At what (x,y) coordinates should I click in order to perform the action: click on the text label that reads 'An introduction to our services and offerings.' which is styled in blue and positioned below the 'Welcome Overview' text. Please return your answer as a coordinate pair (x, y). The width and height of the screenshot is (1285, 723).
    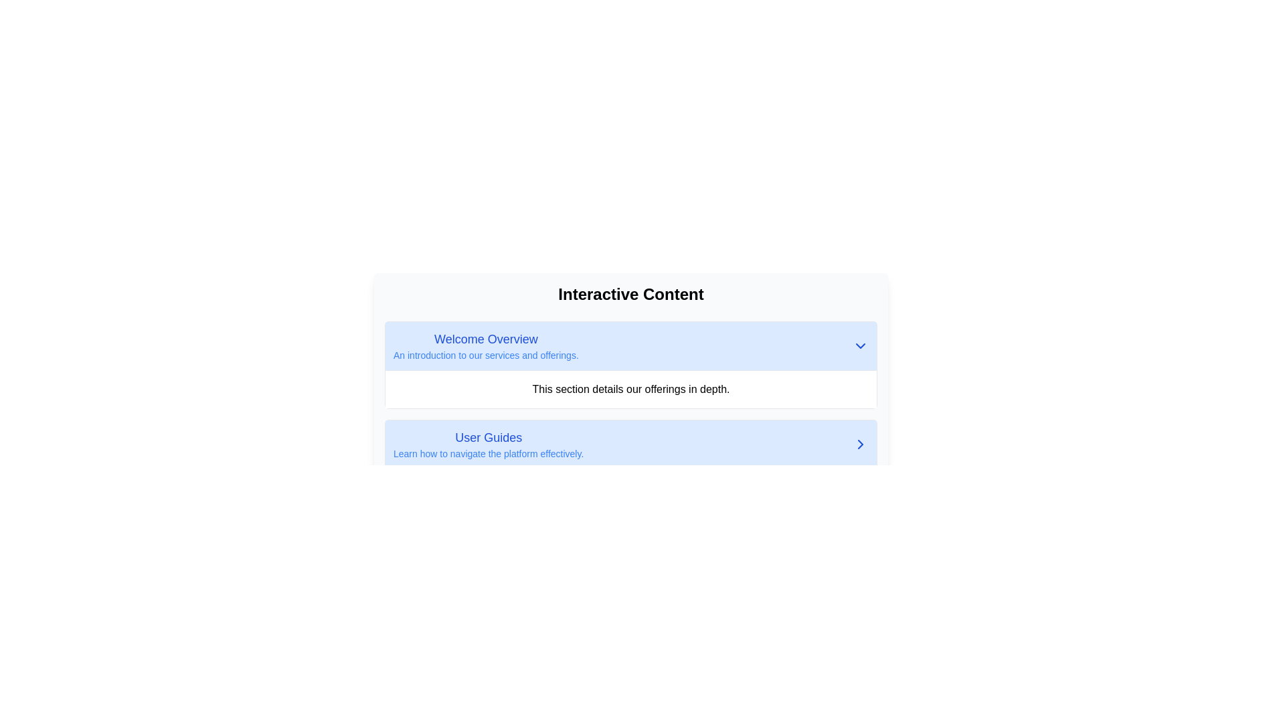
    Looking at the image, I should click on (485, 355).